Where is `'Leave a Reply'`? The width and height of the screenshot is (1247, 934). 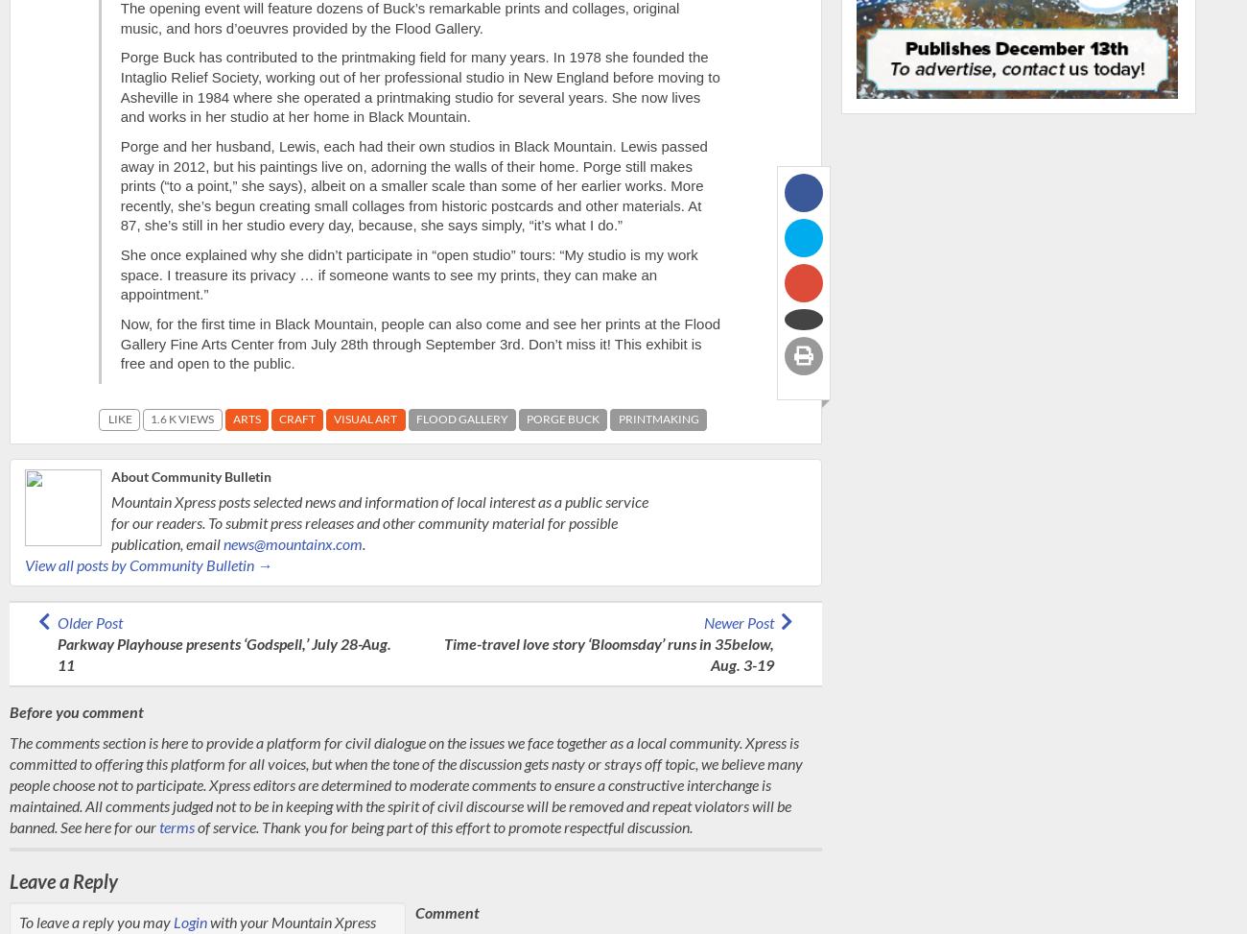 'Leave a Reply' is located at coordinates (9, 878).